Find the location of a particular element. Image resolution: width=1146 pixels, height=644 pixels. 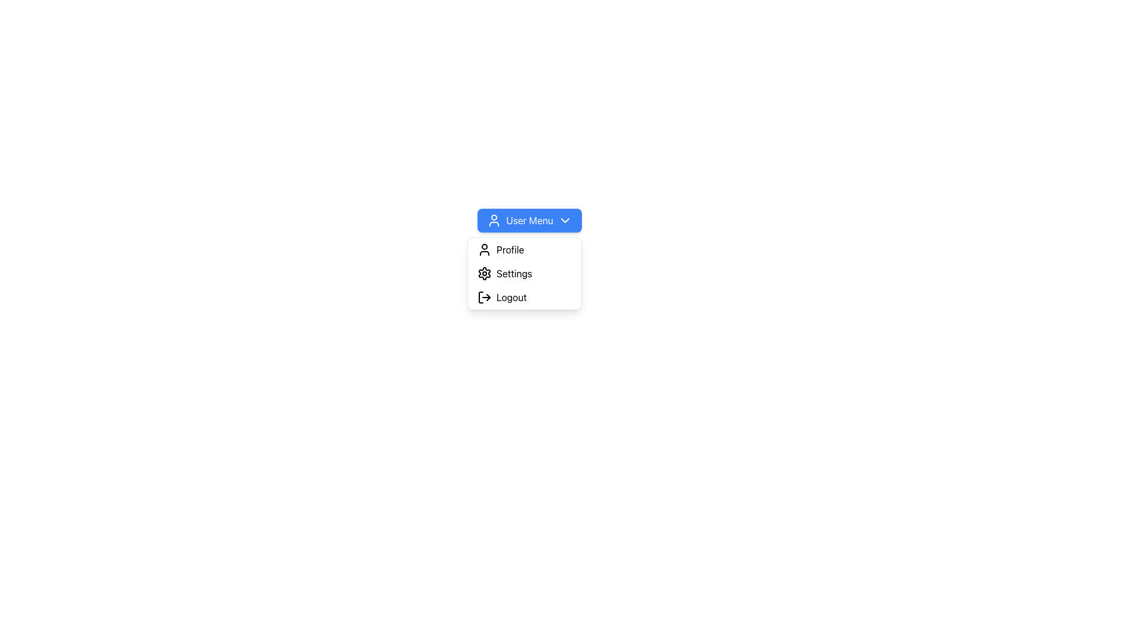

the gear icon located in the dropdown menu under 'User Menu' is located at coordinates (484, 274).